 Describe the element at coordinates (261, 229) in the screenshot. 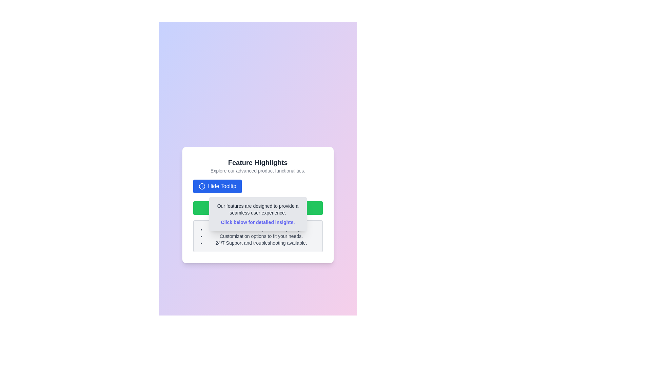

I see `static text that states 'Real-time data analytics and reporting.' This text is the first item in a bulleted list under 'Feature Highlights.'` at that location.